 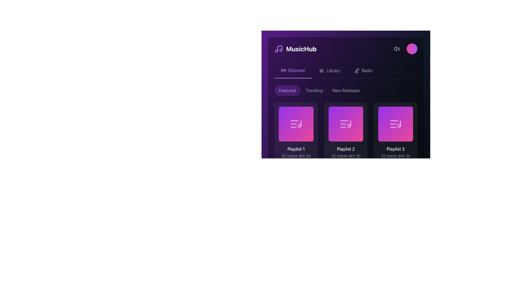 I want to click on the circular button with a gray speaker icon in the top-right section of the interface, so click(x=397, y=49).